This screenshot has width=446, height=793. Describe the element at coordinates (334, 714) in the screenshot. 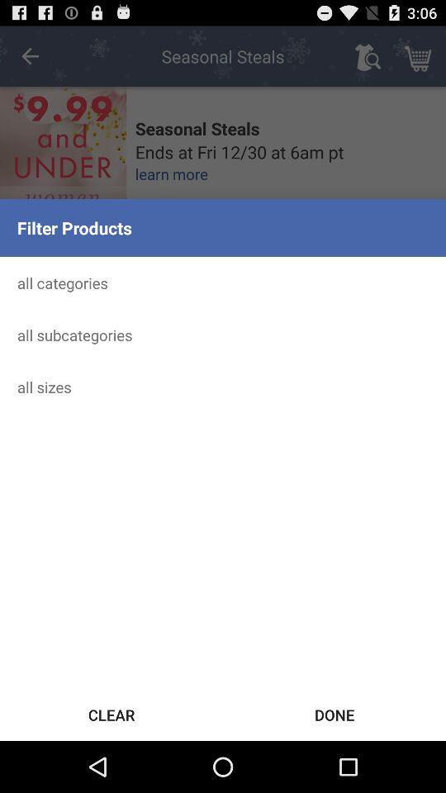

I see `the icon next to the clear icon` at that location.